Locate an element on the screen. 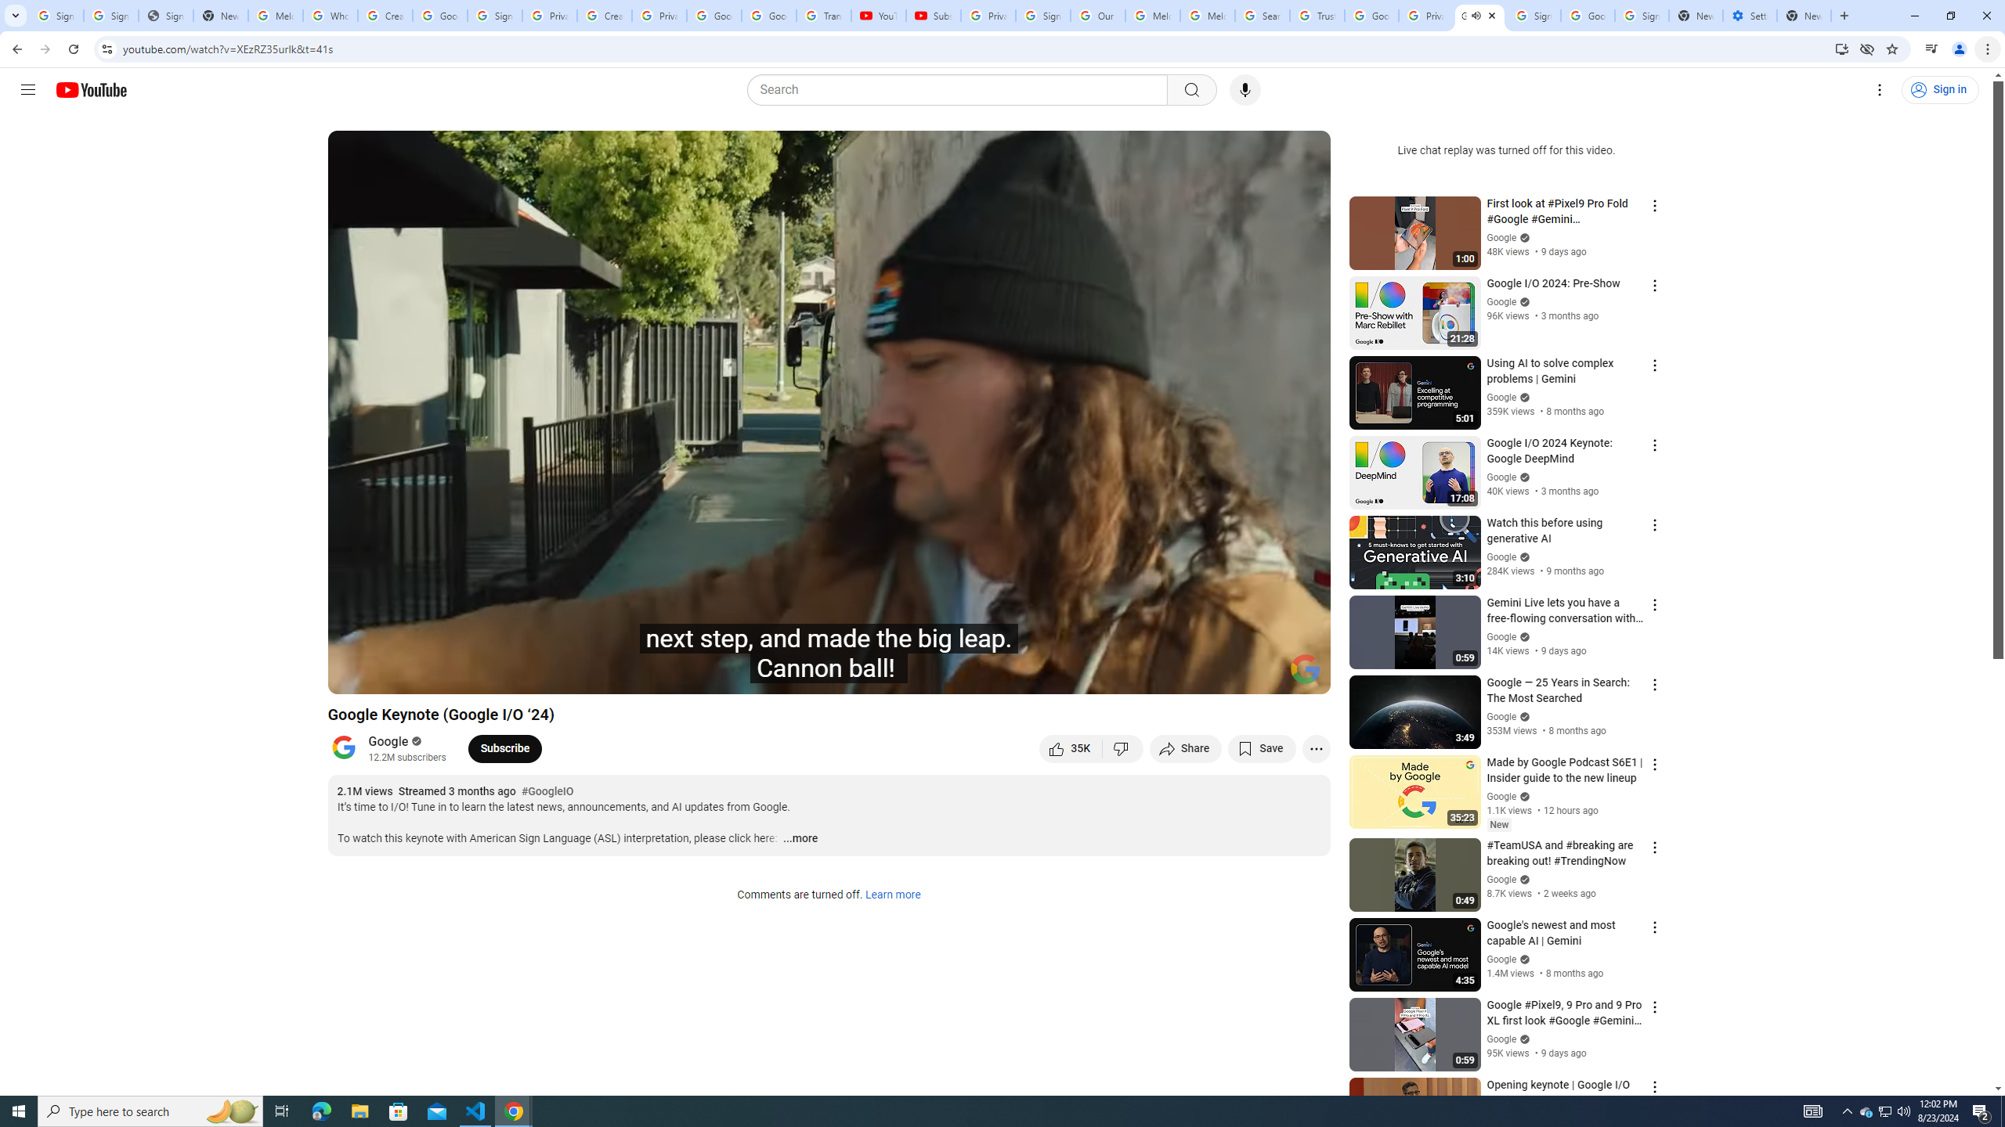 The height and width of the screenshot is (1127, 2005). 'Theater mode (t)' is located at coordinates (1264, 675).